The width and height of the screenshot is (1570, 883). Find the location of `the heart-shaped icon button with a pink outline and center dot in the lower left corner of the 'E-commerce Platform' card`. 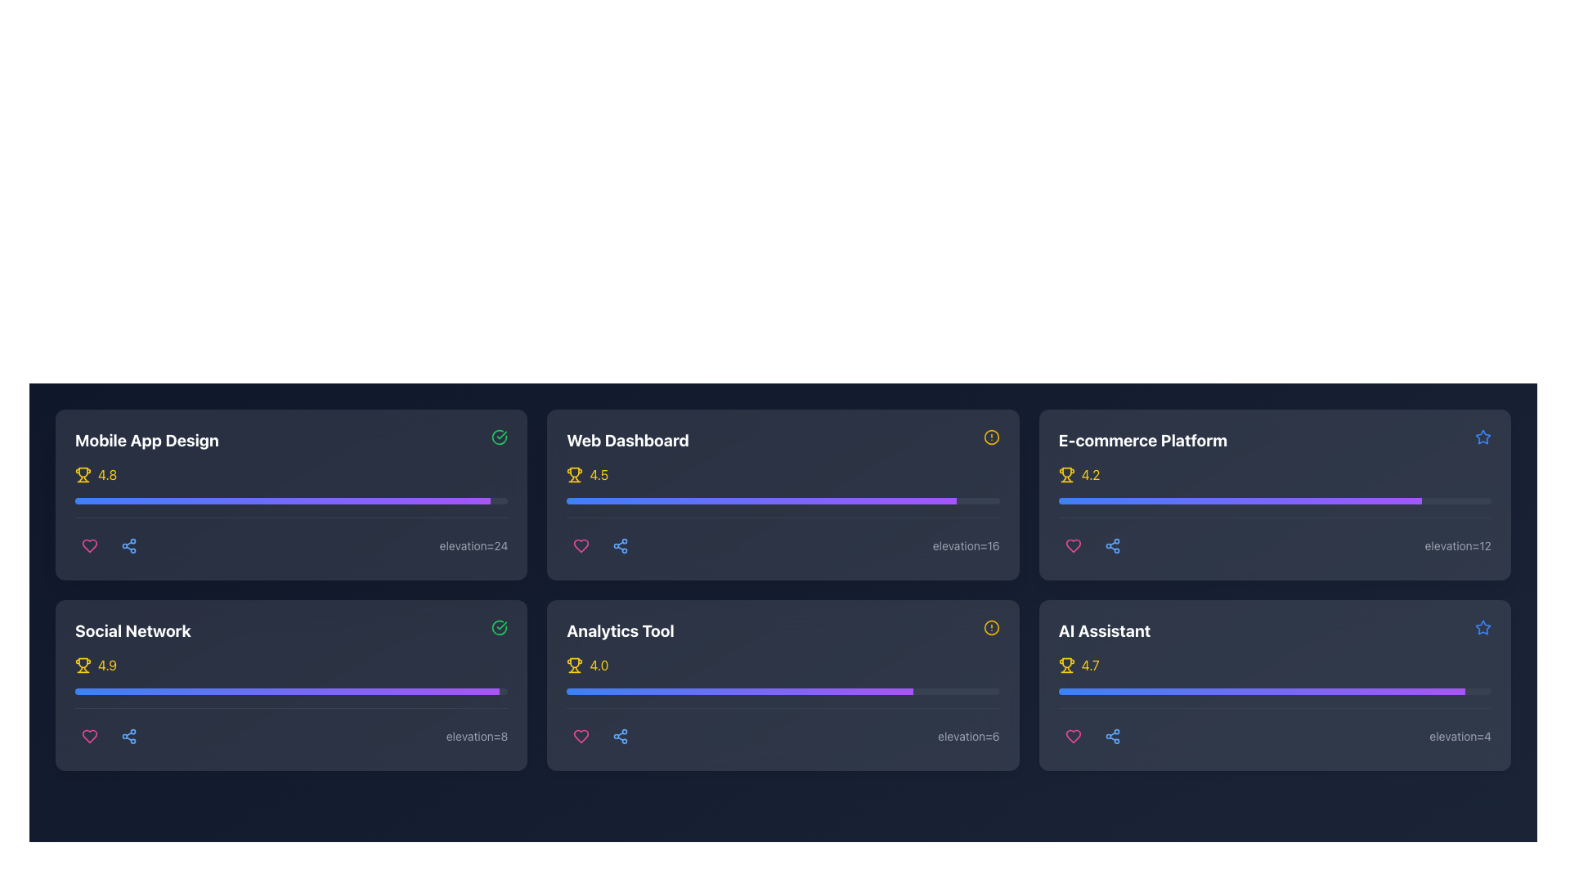

the heart-shaped icon button with a pink outline and center dot in the lower left corner of the 'E-commerce Platform' card is located at coordinates (1073, 545).